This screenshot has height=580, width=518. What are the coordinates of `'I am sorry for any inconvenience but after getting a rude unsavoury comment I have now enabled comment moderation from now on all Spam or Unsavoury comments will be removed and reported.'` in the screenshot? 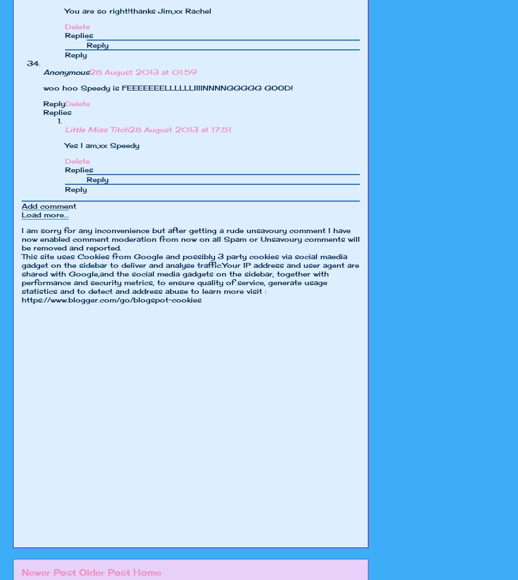 It's located at (190, 238).